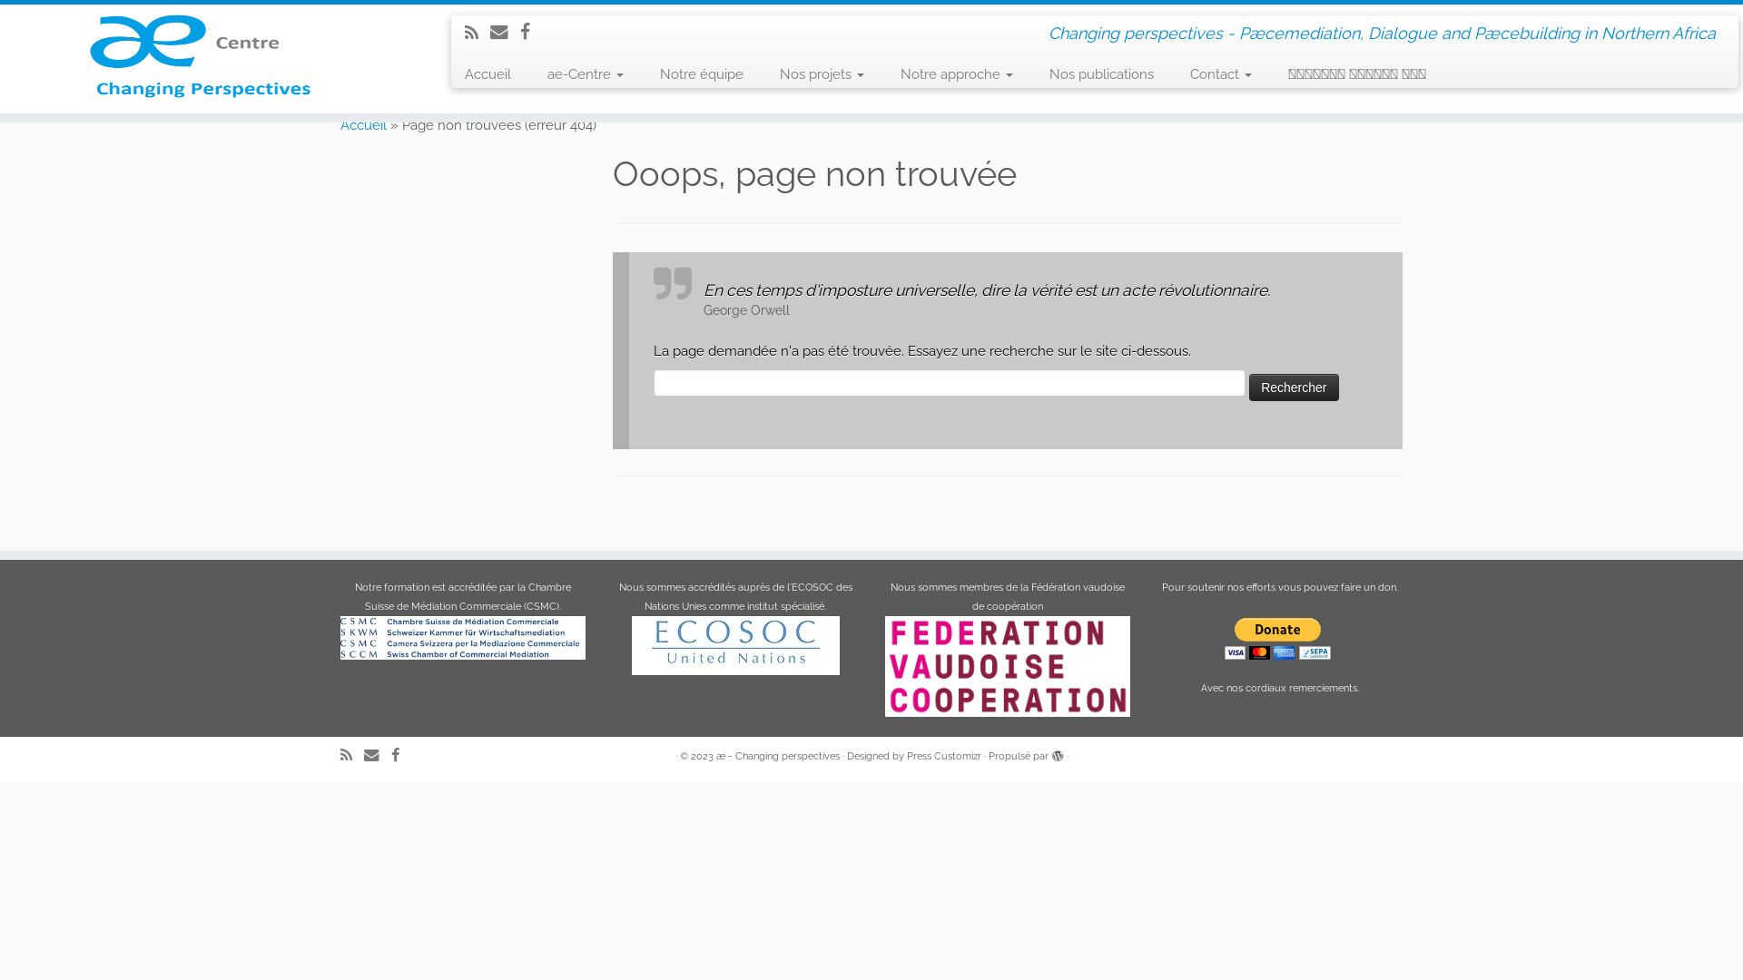 The width and height of the screenshot is (1743, 980). Describe the element at coordinates (352, 755) in the screenshot. I see `'Abonnez-vous au flux rss'` at that location.